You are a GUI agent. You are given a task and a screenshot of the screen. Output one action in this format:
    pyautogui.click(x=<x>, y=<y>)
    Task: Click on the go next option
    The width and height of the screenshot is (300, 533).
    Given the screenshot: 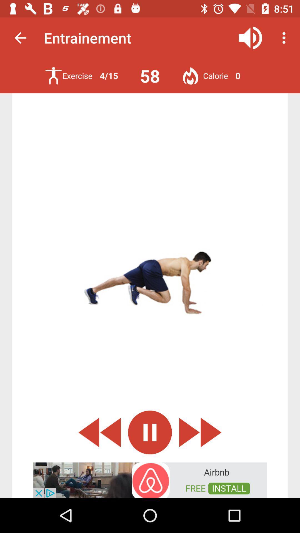 What is the action you would take?
    pyautogui.click(x=200, y=432)
    